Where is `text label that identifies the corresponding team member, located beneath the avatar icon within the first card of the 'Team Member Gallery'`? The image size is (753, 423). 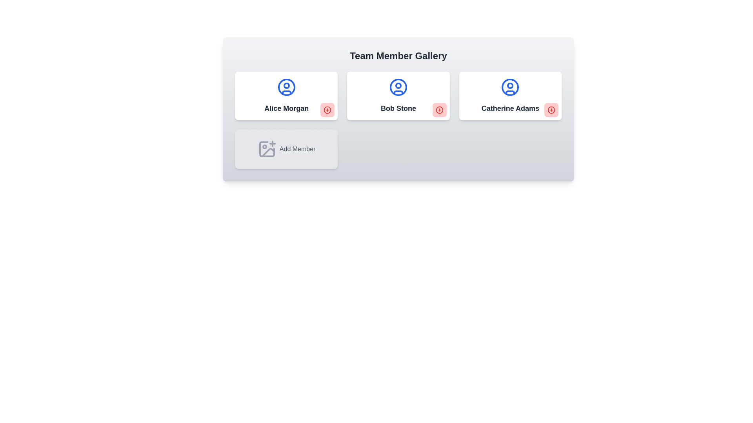
text label that identifies the corresponding team member, located beneath the avatar icon within the first card of the 'Team Member Gallery' is located at coordinates (286, 108).